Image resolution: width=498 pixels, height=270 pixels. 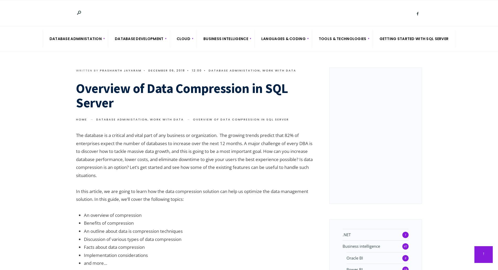 What do you see at coordinates (405, 246) in the screenshot?
I see `'41'` at bounding box center [405, 246].